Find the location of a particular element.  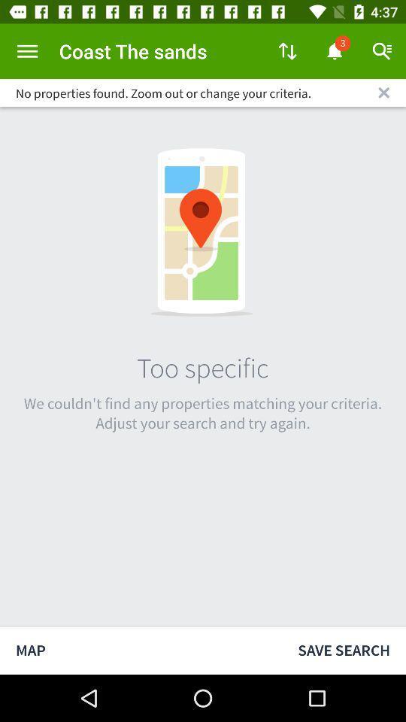

the item to the left of the coast the sands is located at coordinates (27, 51).